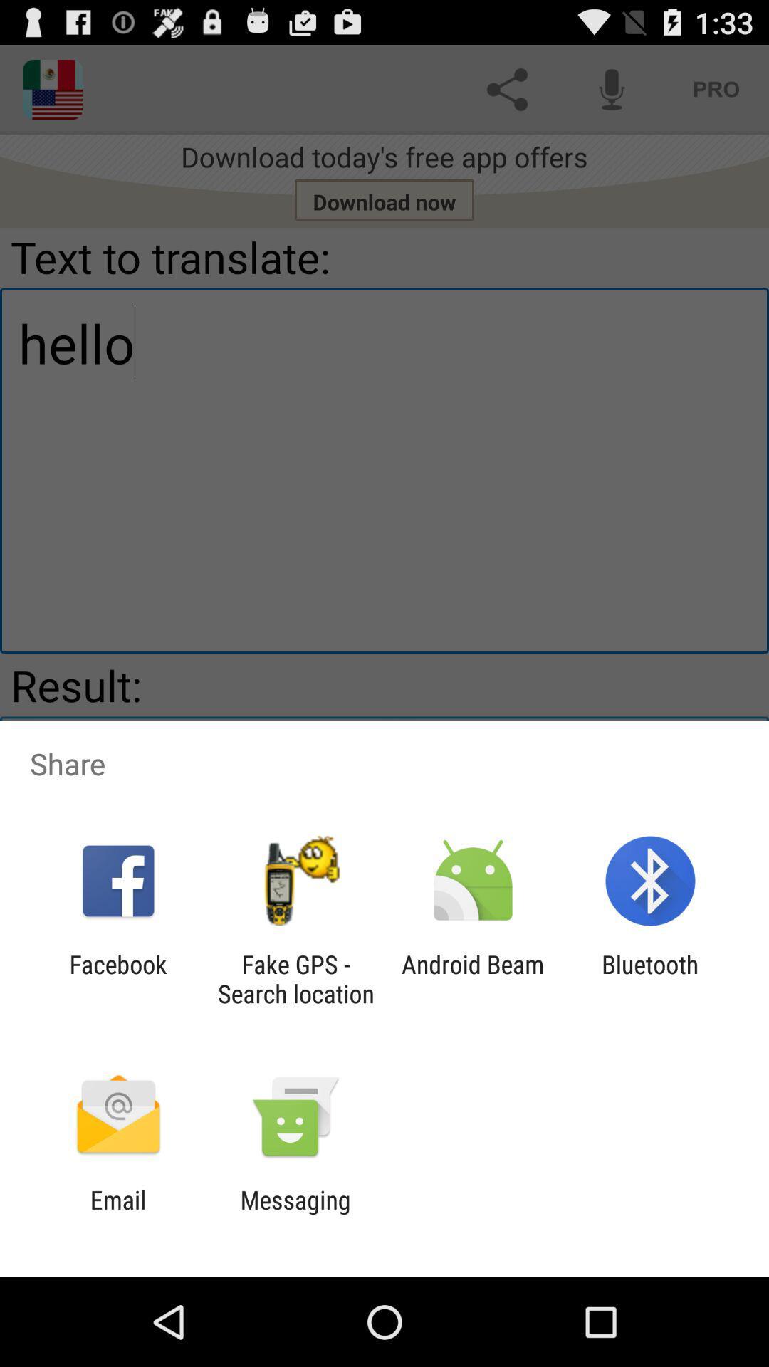 The height and width of the screenshot is (1367, 769). I want to click on app next to messaging icon, so click(117, 1214).